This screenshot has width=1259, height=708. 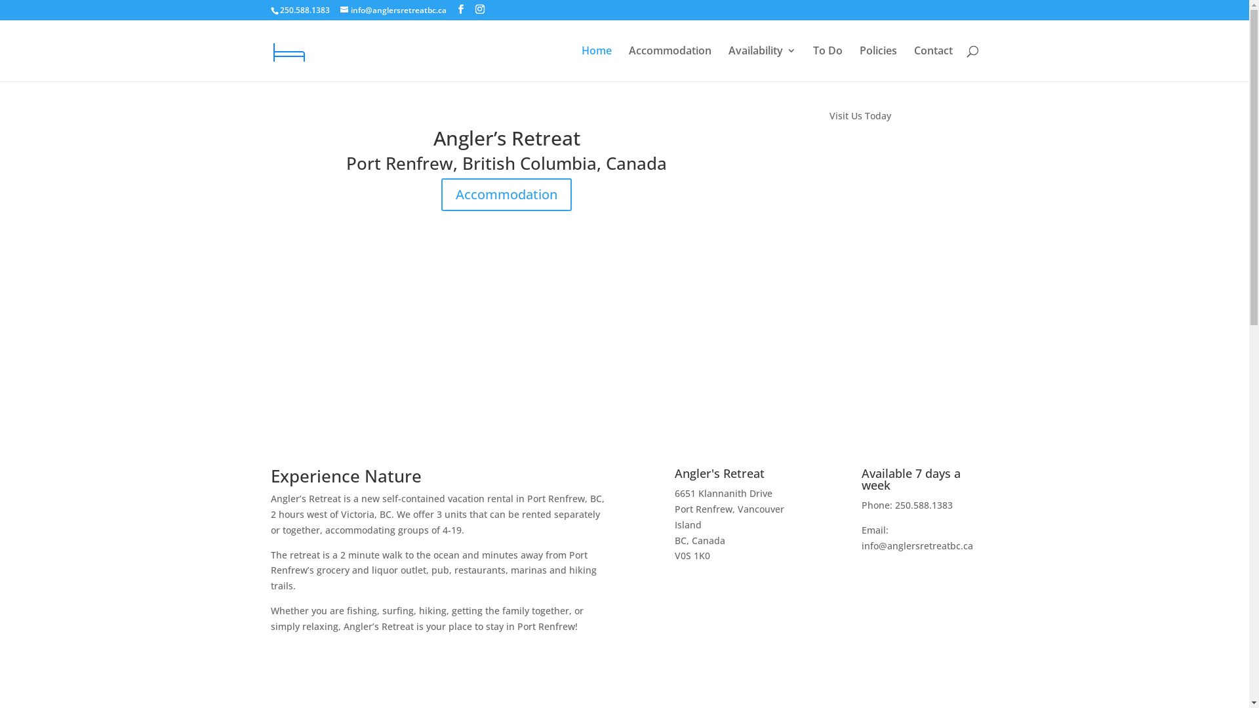 I want to click on 'Accommodation', so click(x=669, y=63).